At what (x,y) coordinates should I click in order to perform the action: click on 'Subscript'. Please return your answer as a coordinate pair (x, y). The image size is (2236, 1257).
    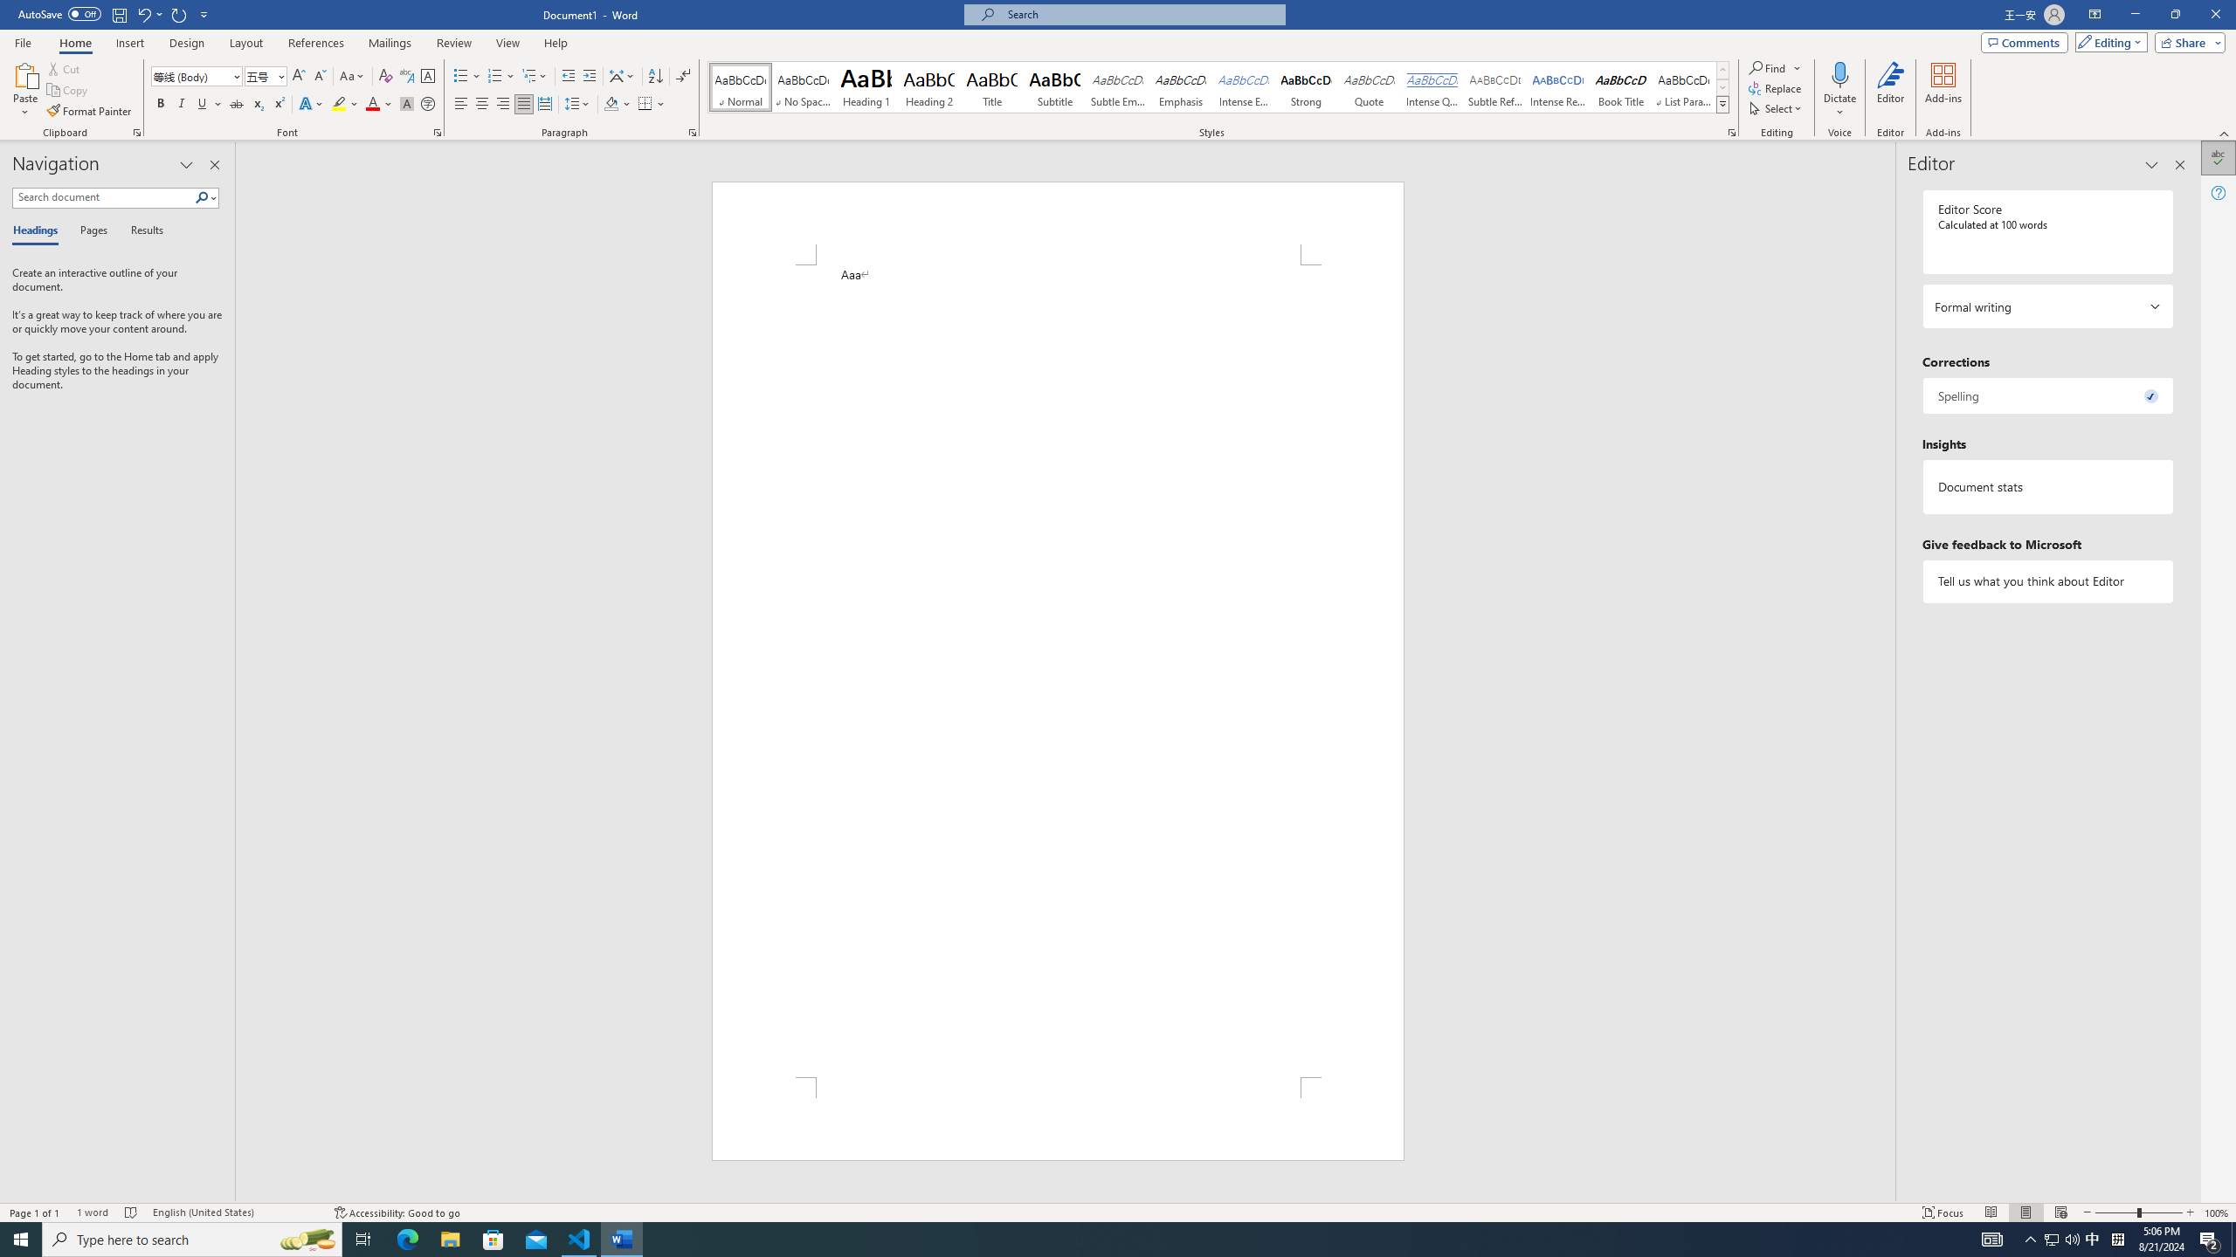
    Looking at the image, I should click on (257, 103).